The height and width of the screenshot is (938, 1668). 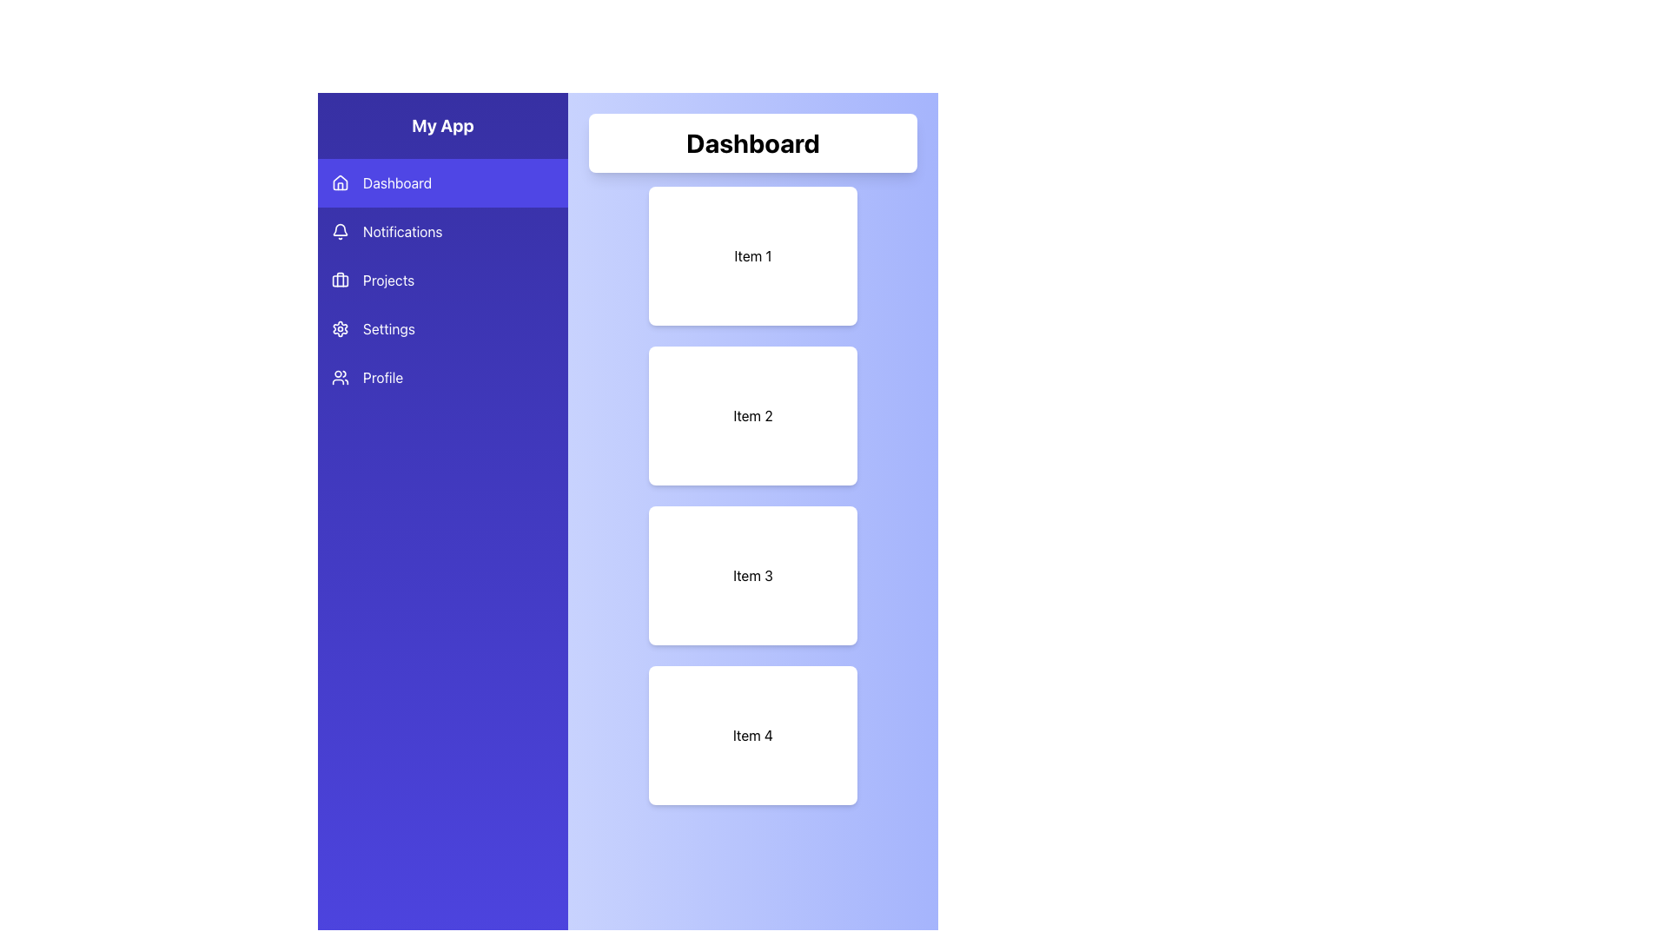 I want to click on the 'Profile' text label in the sidebar navigation menu, so click(x=382, y=377).